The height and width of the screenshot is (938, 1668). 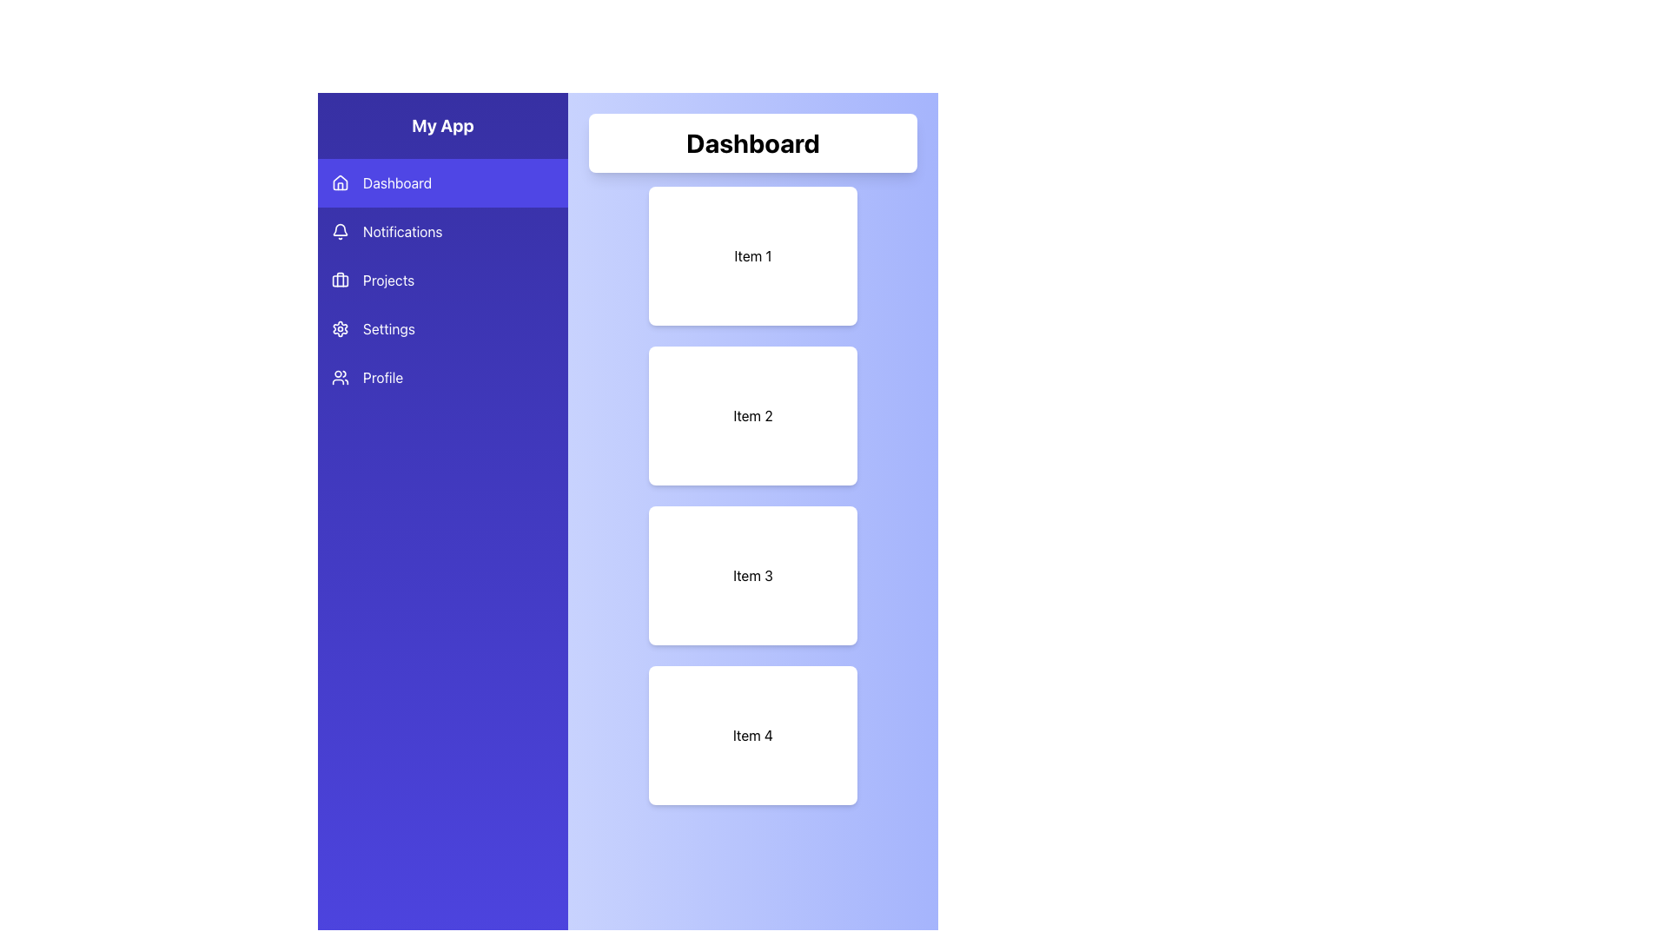 I want to click on the 'Profile' text label in the sidebar navigation menu, so click(x=382, y=377).